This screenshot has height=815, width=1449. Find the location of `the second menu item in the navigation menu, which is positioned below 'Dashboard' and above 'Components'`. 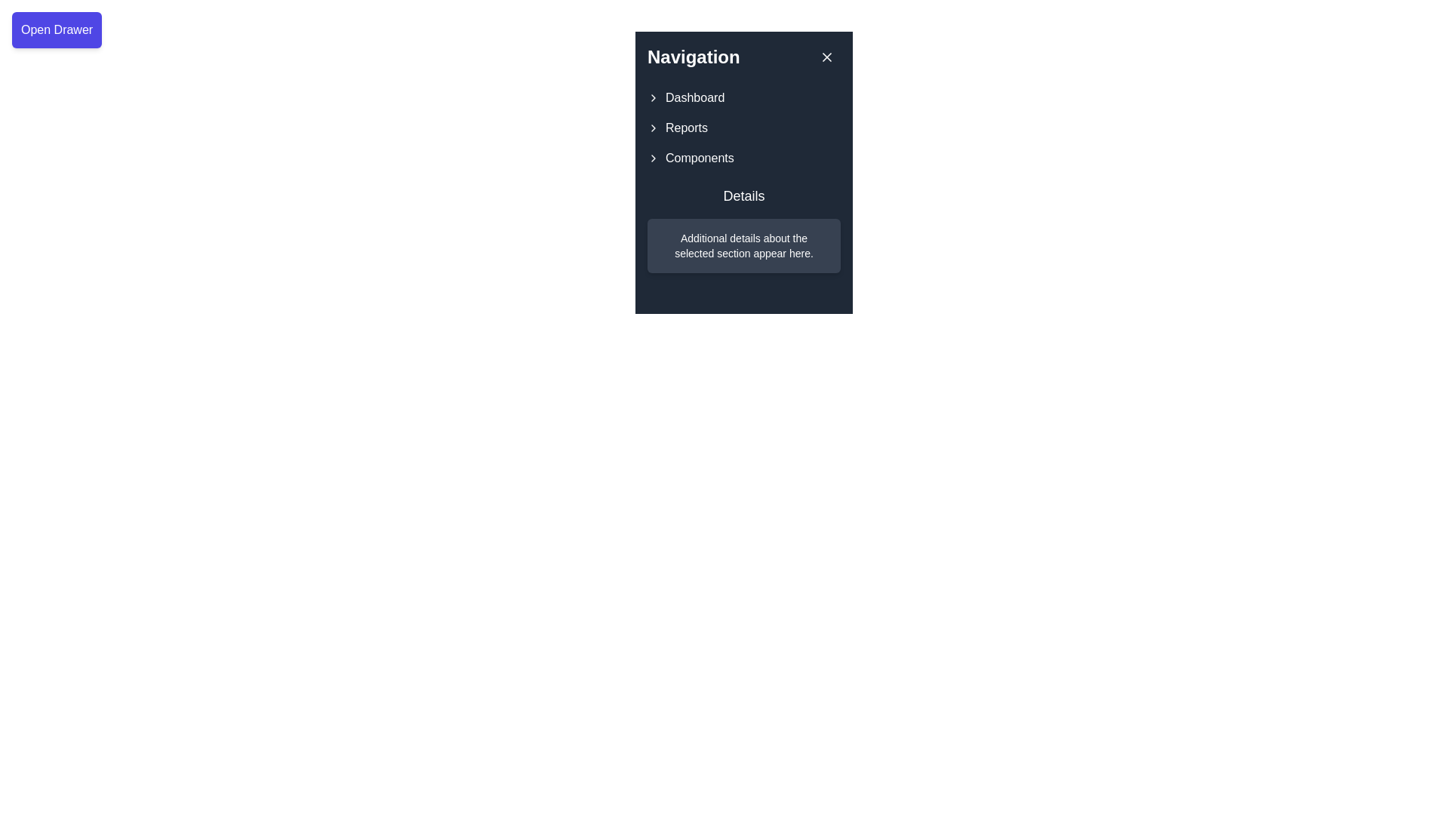

the second menu item in the navigation menu, which is positioned below 'Dashboard' and above 'Components' is located at coordinates (743, 127).